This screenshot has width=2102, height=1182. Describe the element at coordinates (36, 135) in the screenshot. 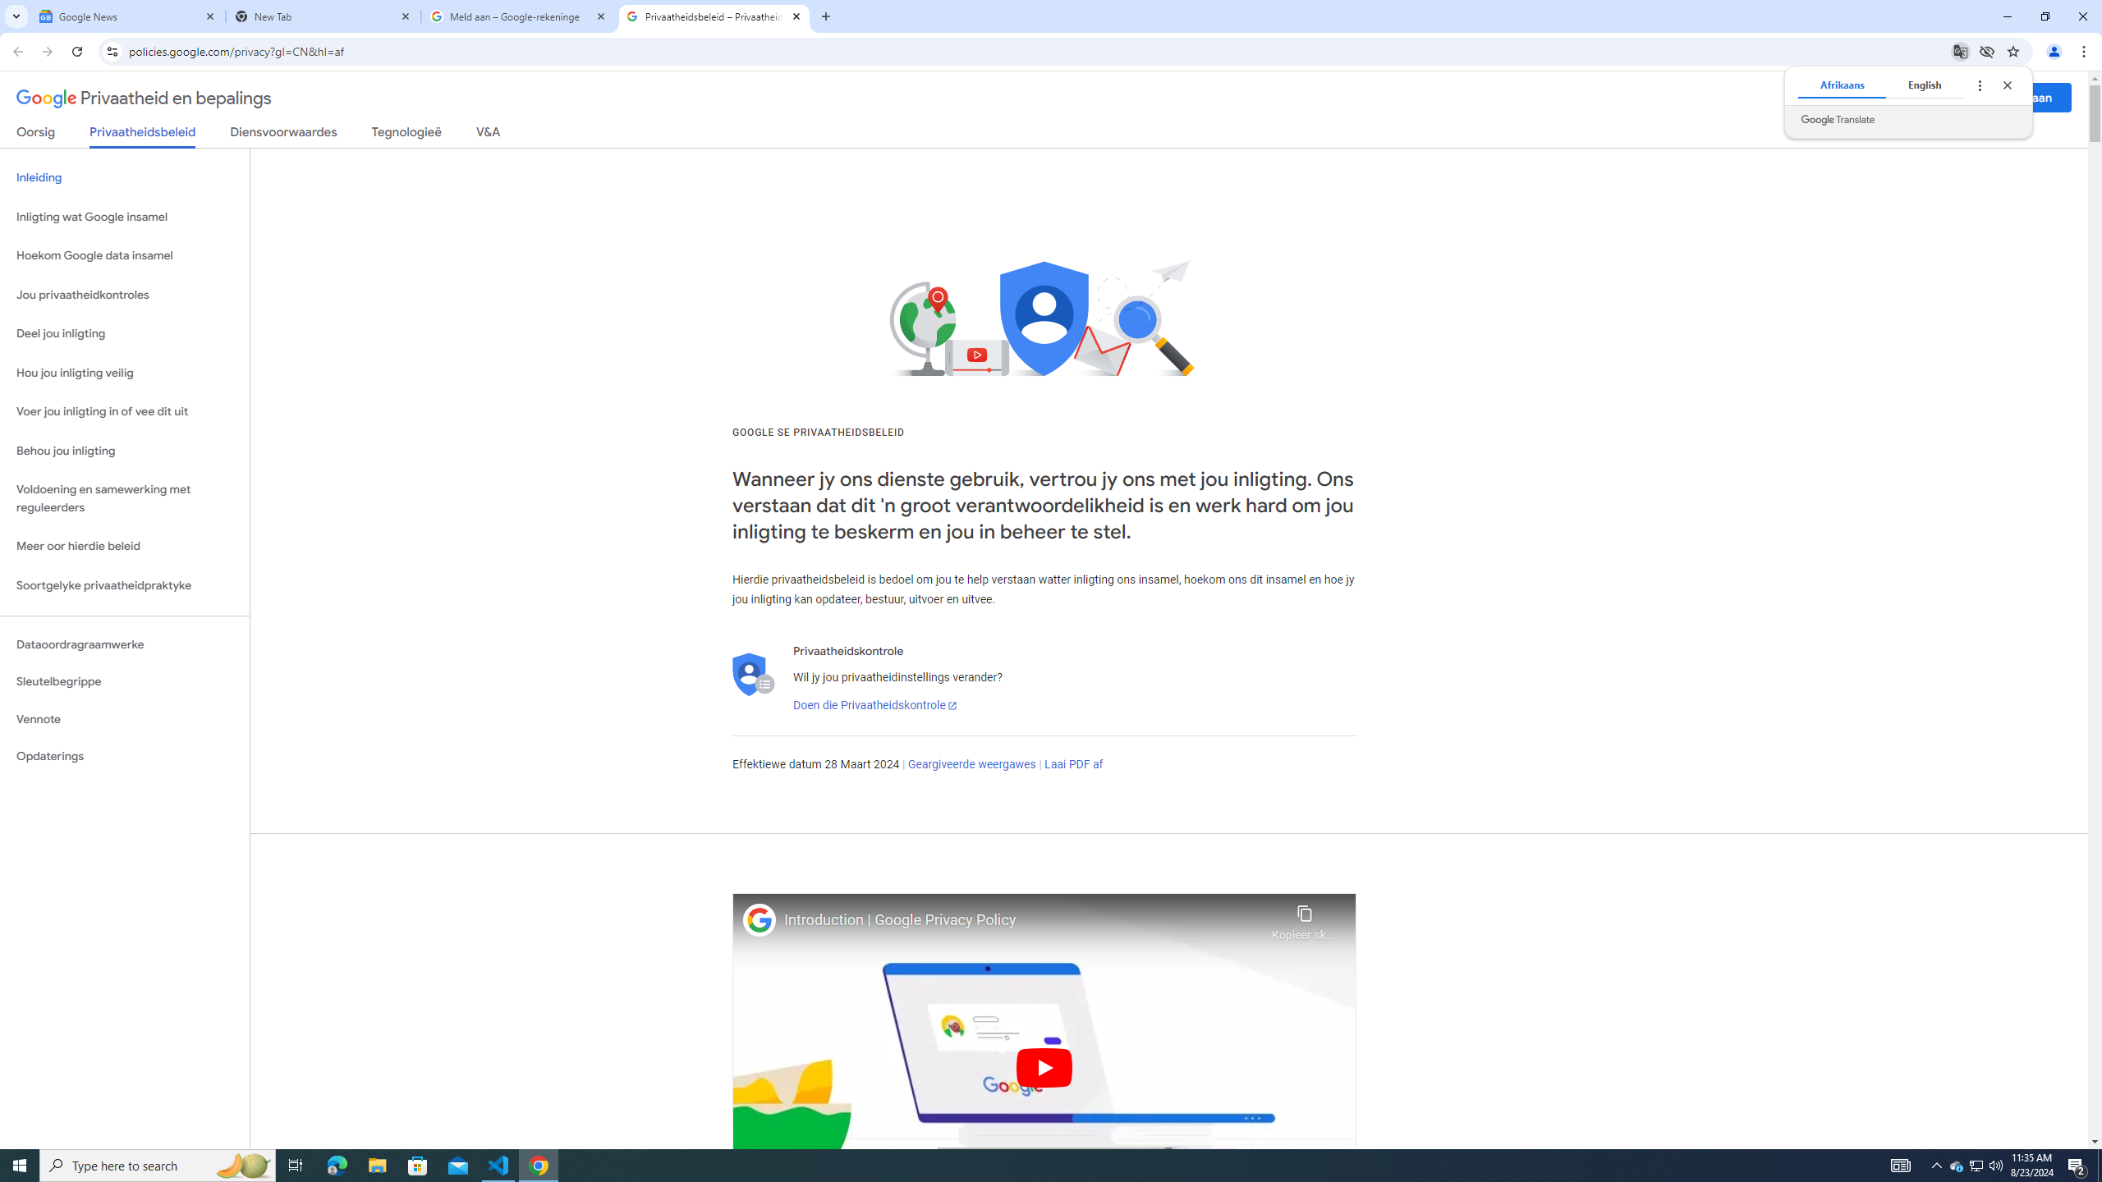

I see `'Oorsig'` at that location.